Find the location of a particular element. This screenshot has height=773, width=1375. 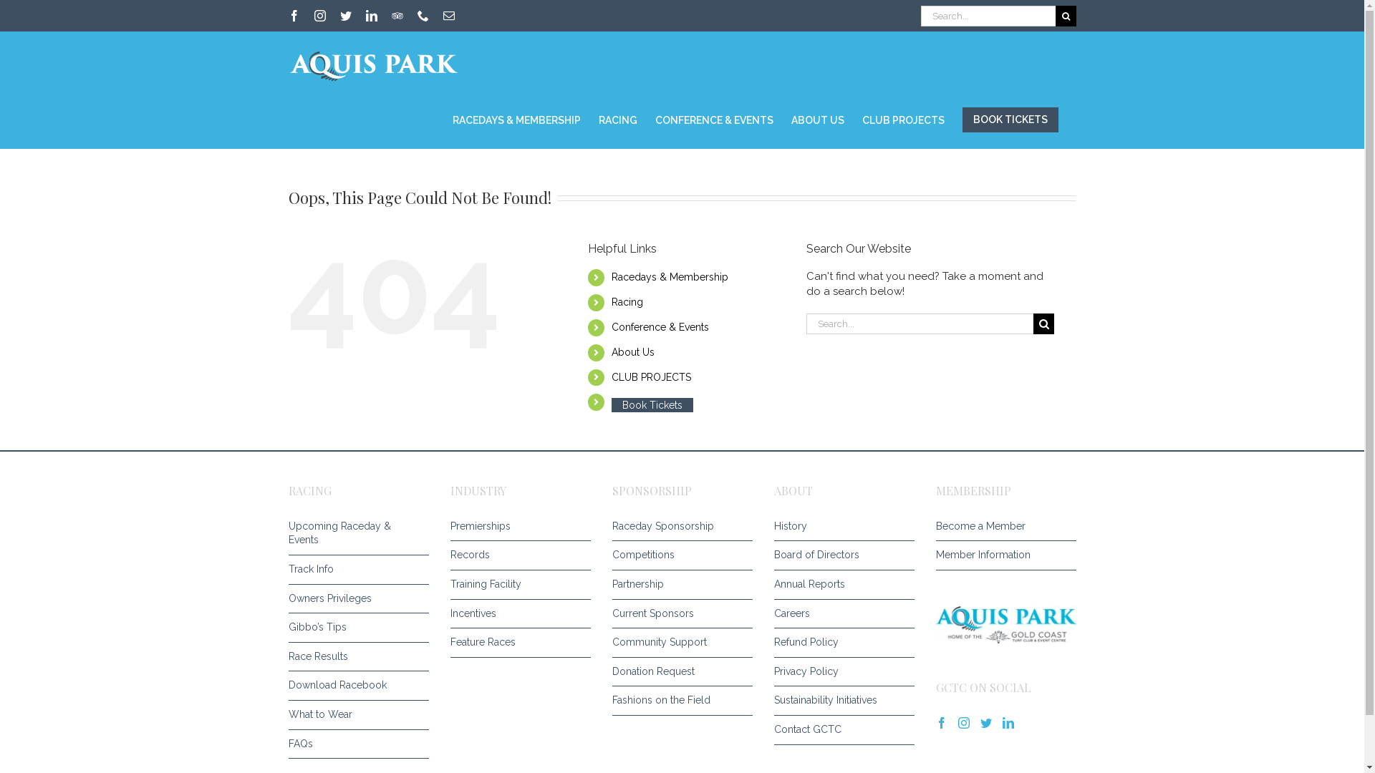

'Track Info' is located at coordinates (287, 568).